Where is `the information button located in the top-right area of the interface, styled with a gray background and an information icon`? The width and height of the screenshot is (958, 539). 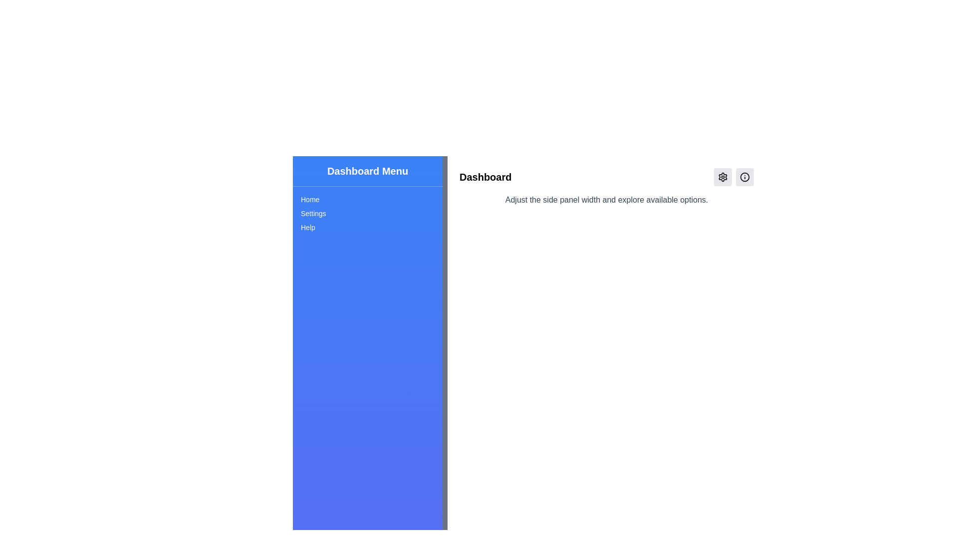 the information button located in the top-right area of the interface, styled with a gray background and an information icon is located at coordinates (744, 176).